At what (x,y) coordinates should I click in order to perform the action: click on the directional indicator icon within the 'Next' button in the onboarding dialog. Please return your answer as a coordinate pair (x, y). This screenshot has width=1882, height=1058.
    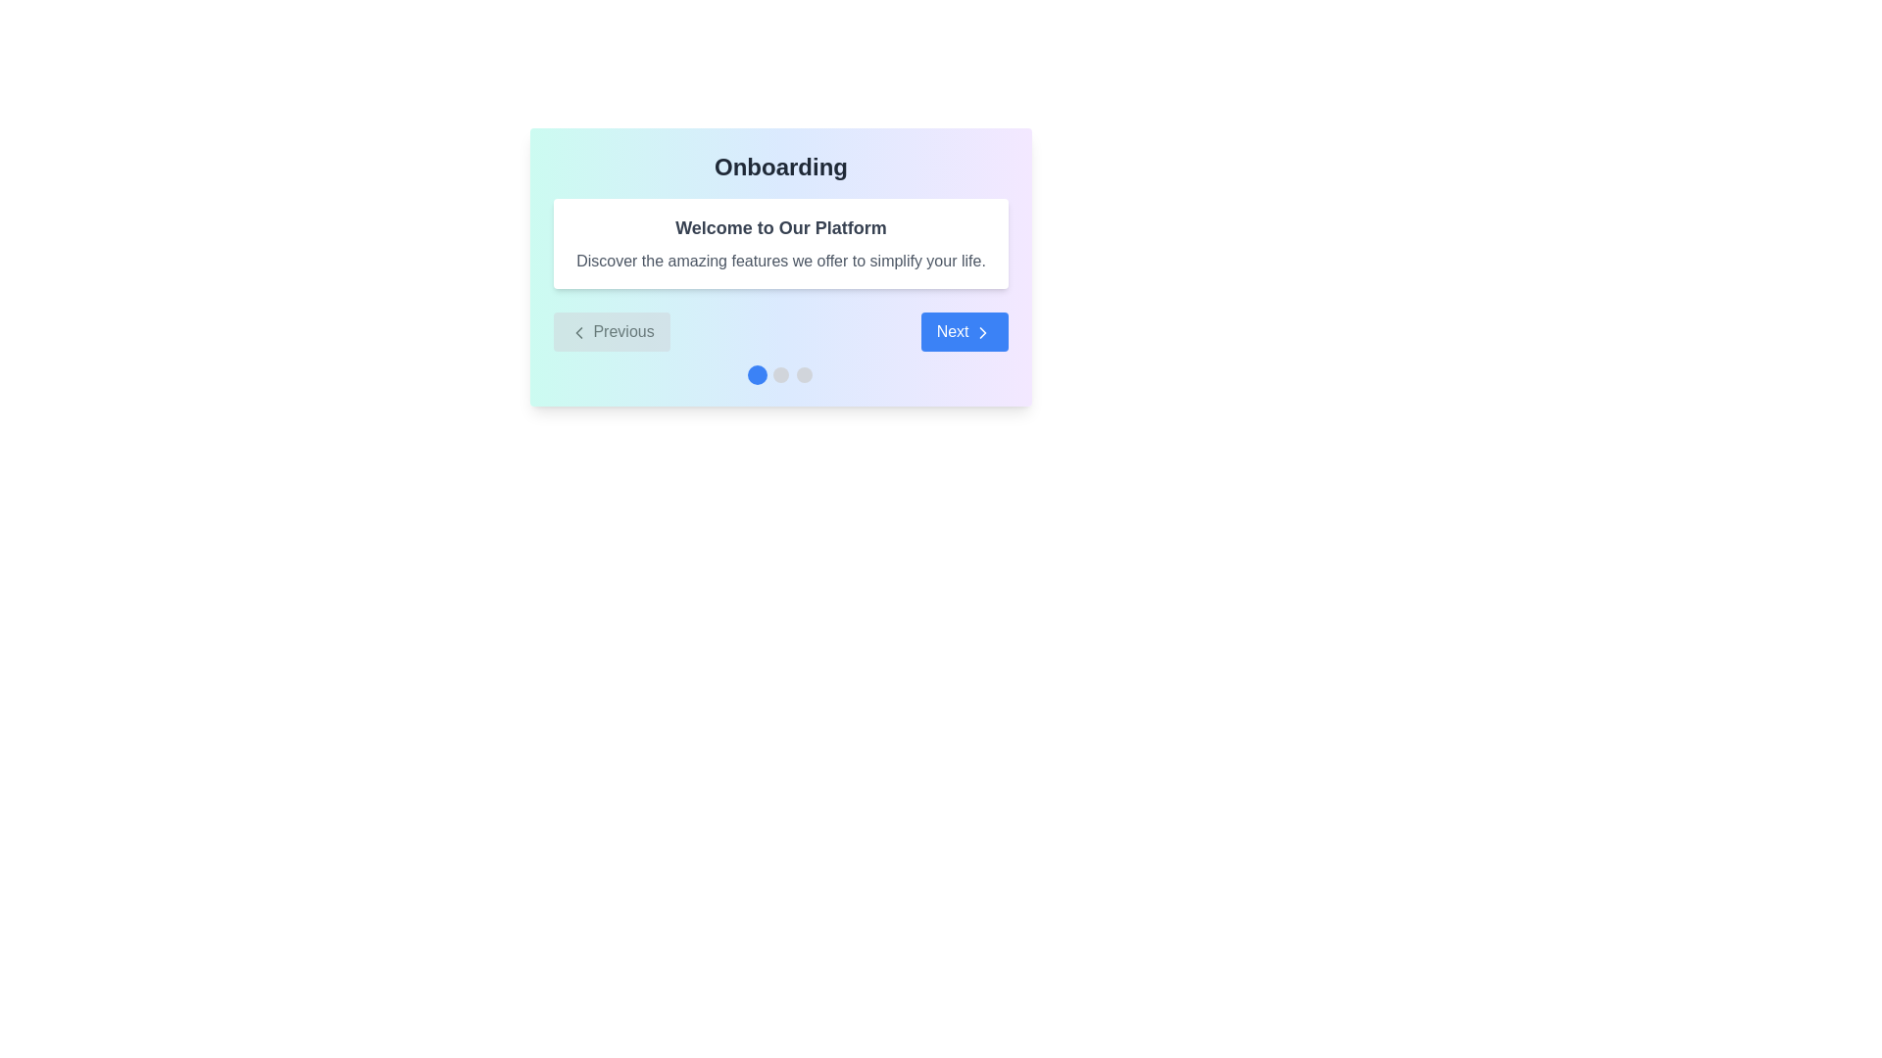
    Looking at the image, I should click on (983, 331).